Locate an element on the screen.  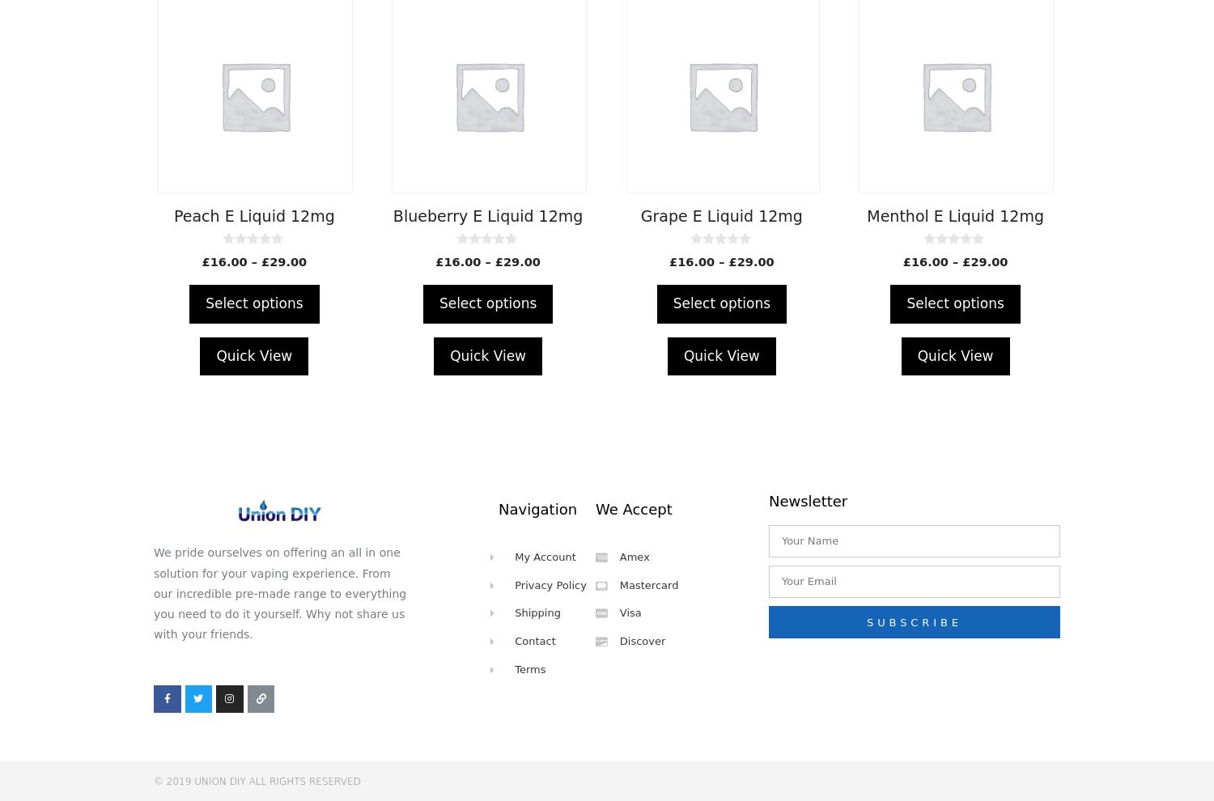
'We Accept' is located at coordinates (633, 507).